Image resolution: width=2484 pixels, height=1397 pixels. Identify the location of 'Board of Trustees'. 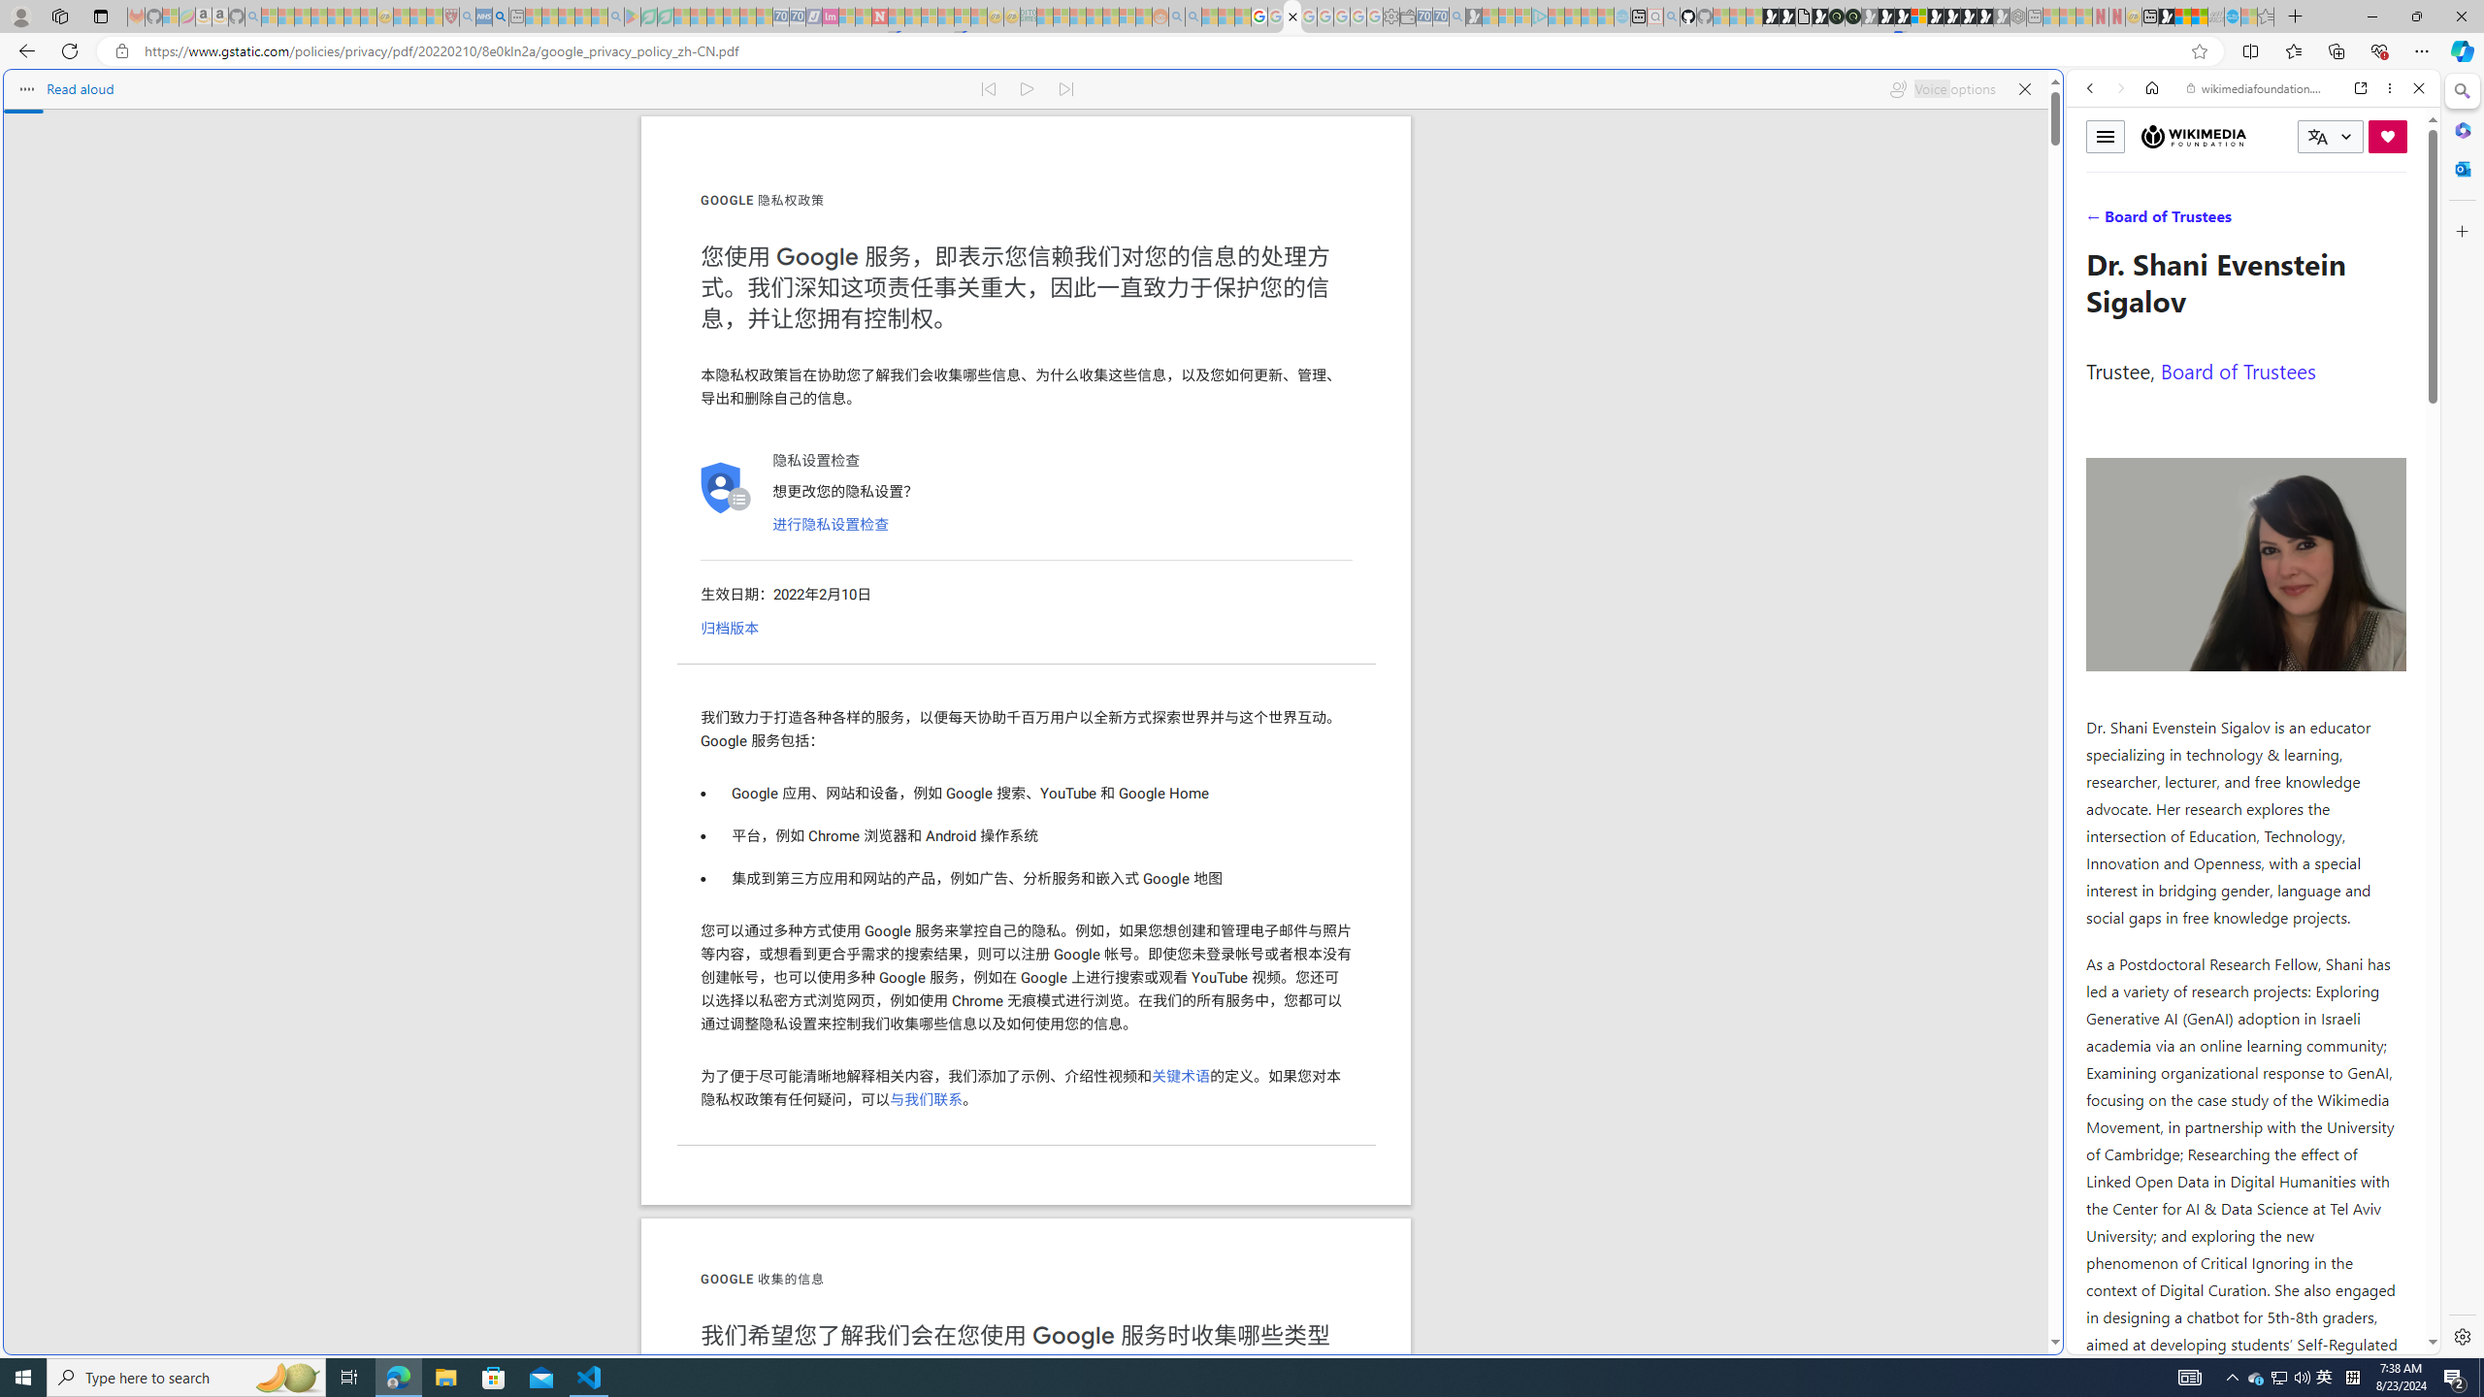
(2238, 371).